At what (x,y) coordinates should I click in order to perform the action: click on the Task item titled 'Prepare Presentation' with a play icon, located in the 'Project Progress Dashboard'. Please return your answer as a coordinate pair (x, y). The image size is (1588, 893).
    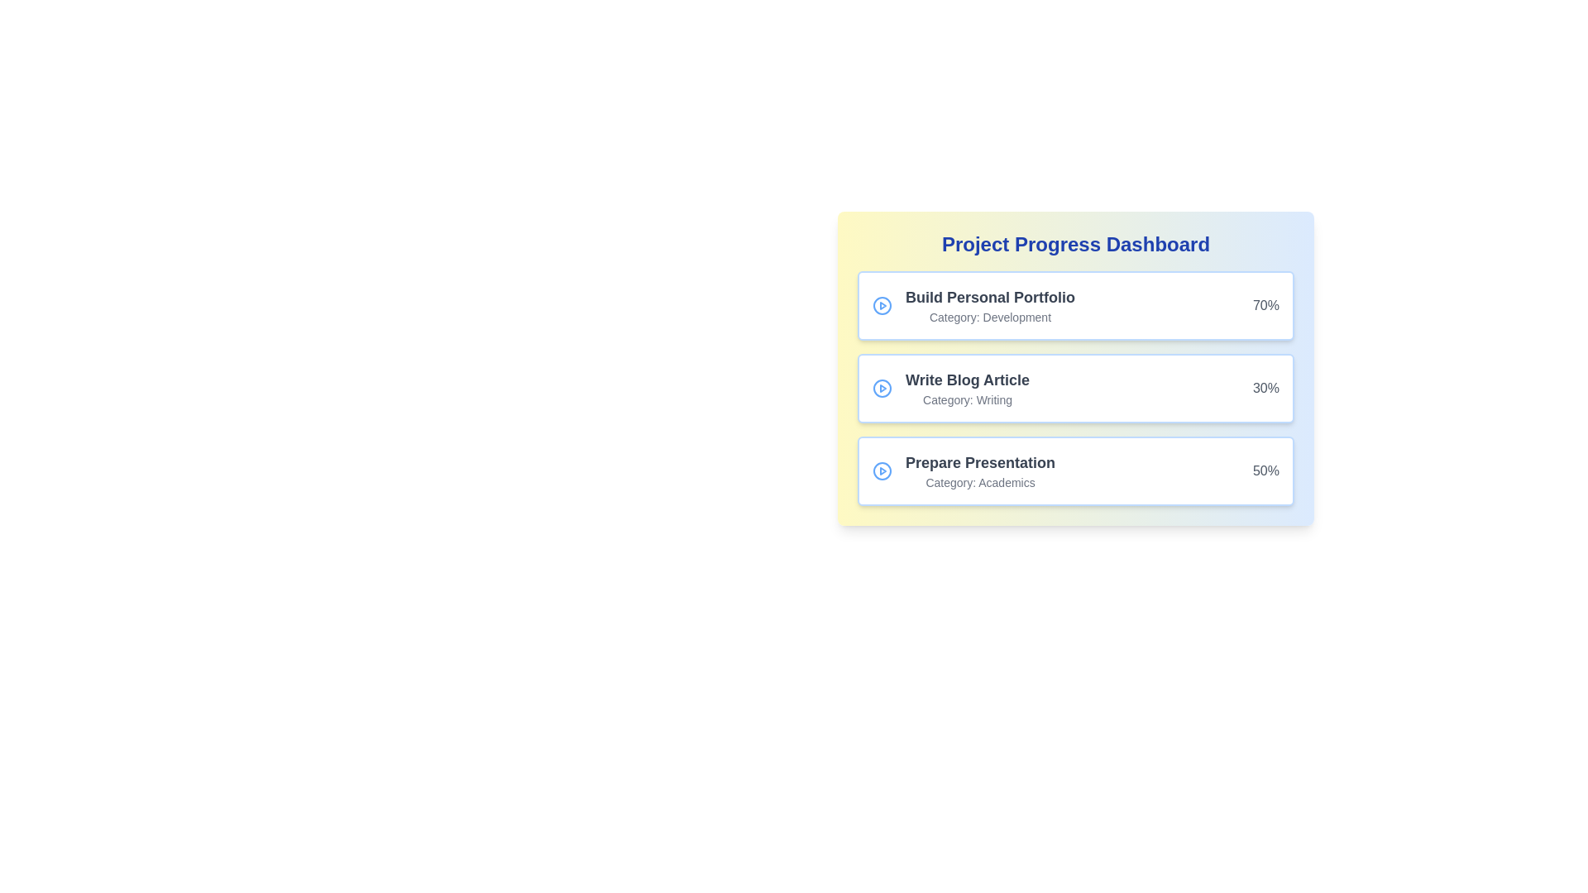
    Looking at the image, I should click on (964, 471).